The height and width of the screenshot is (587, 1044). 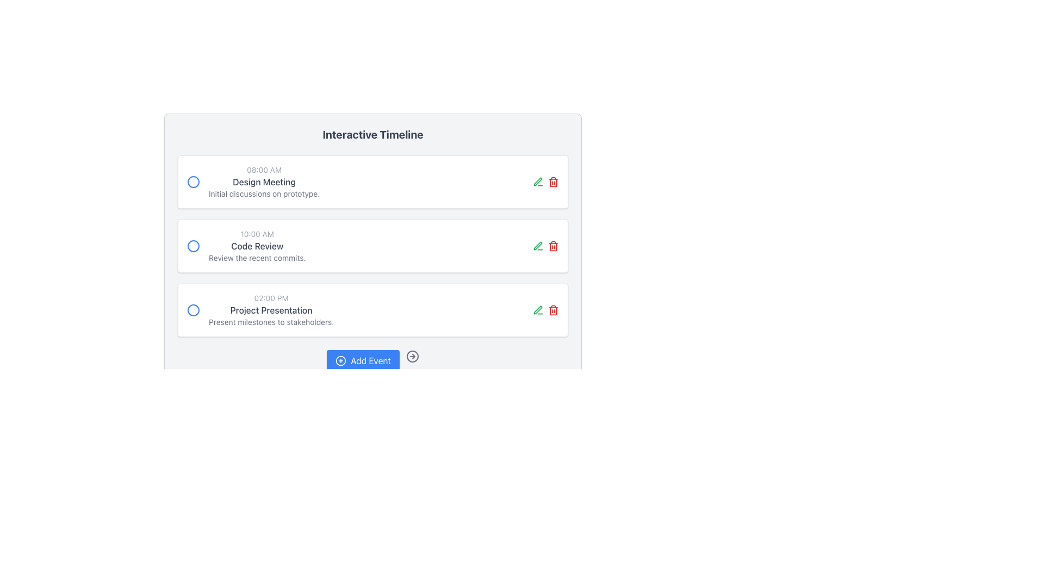 What do you see at coordinates (193, 310) in the screenshot?
I see `the third graphical indicator (SVG Circle) representing the 'Project Presentation' event at 02:00 PM in the Interactive Timeline interface` at bounding box center [193, 310].